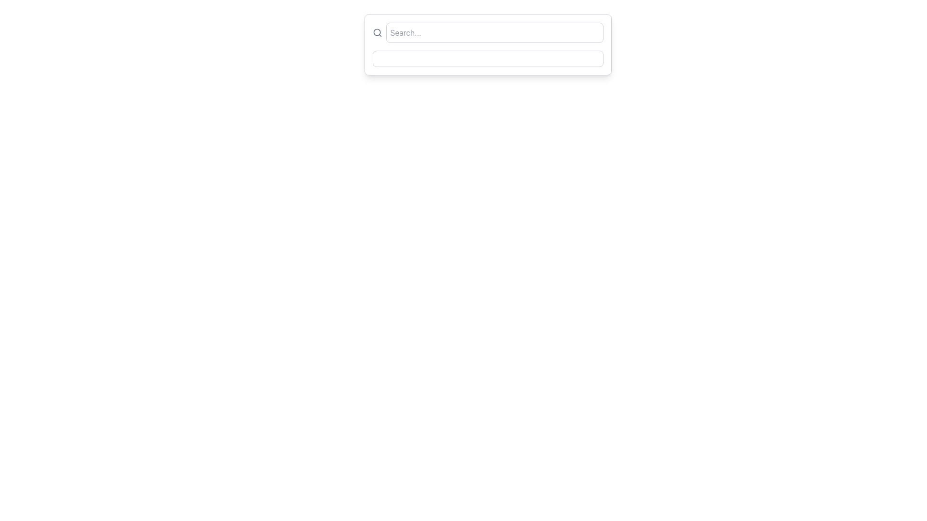  Describe the element at coordinates (488, 44) in the screenshot. I see `inside the prominent search bar located at the top-left of the rectangular card with rounded corners to type` at that location.